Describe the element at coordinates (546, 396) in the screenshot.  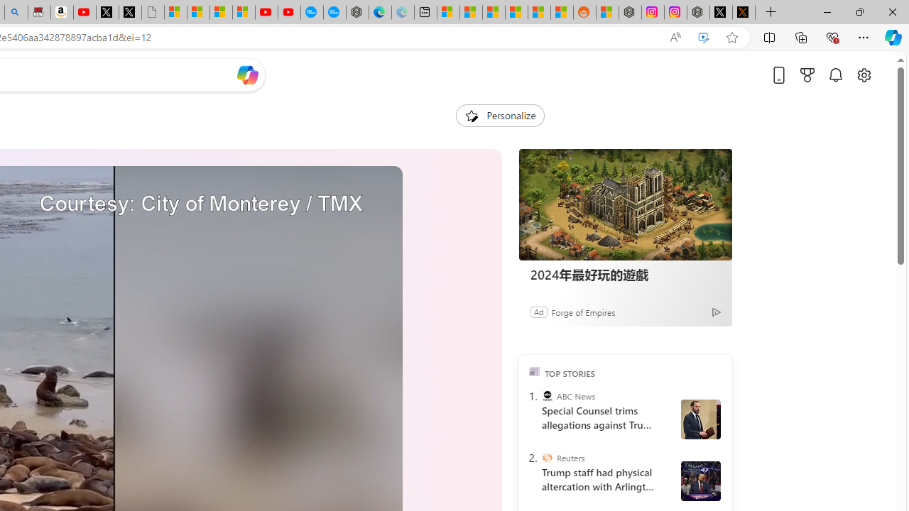
I see `'ABC News'` at that location.